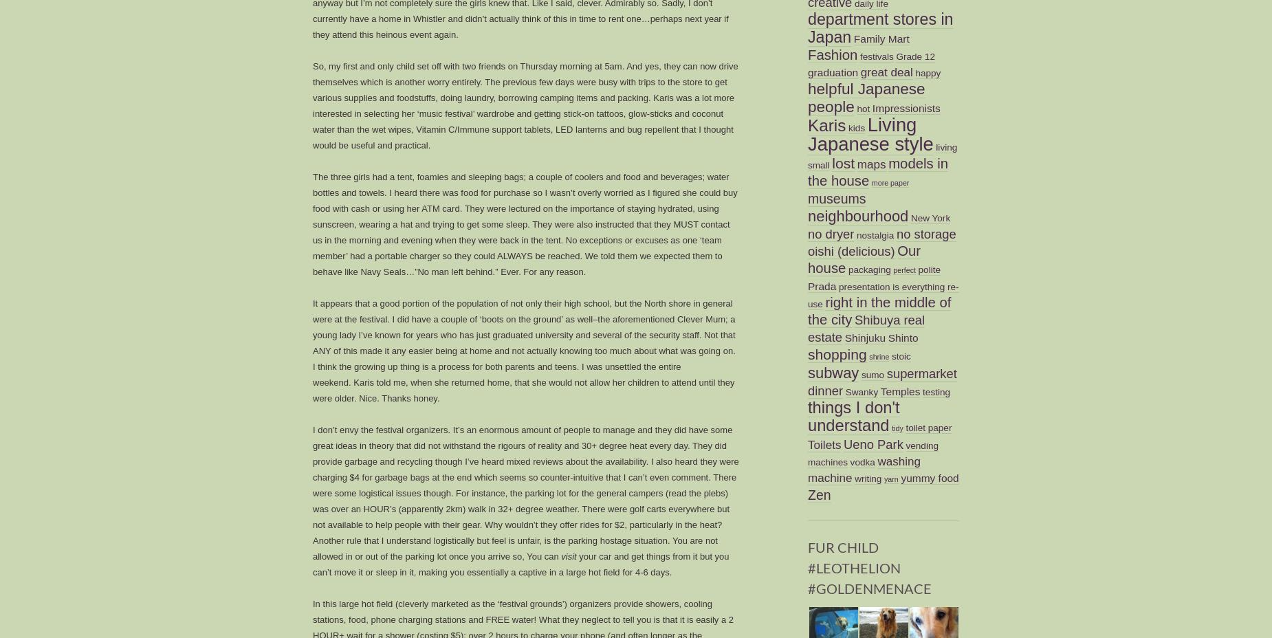  I want to click on 'happy', so click(927, 71).